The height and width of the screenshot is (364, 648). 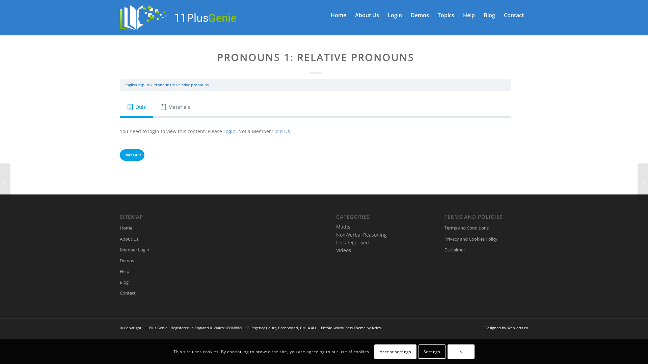 What do you see at coordinates (223, 131) in the screenshot?
I see `'Login'` at bounding box center [223, 131].